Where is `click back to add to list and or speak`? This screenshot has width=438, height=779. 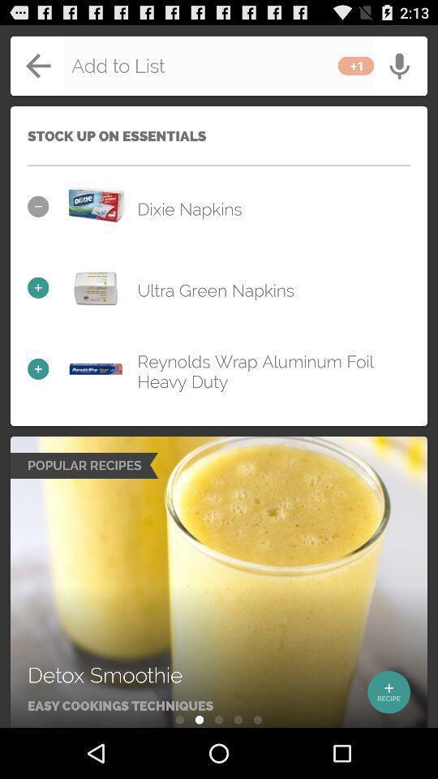
click back to add to list and or speak is located at coordinates (219, 66).